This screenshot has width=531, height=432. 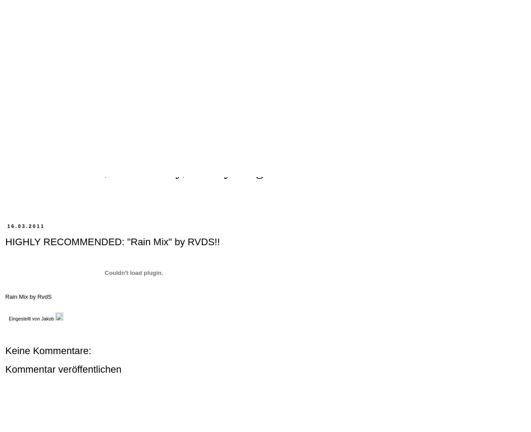 I want to click on 'Rain Mix', so click(x=5, y=296).